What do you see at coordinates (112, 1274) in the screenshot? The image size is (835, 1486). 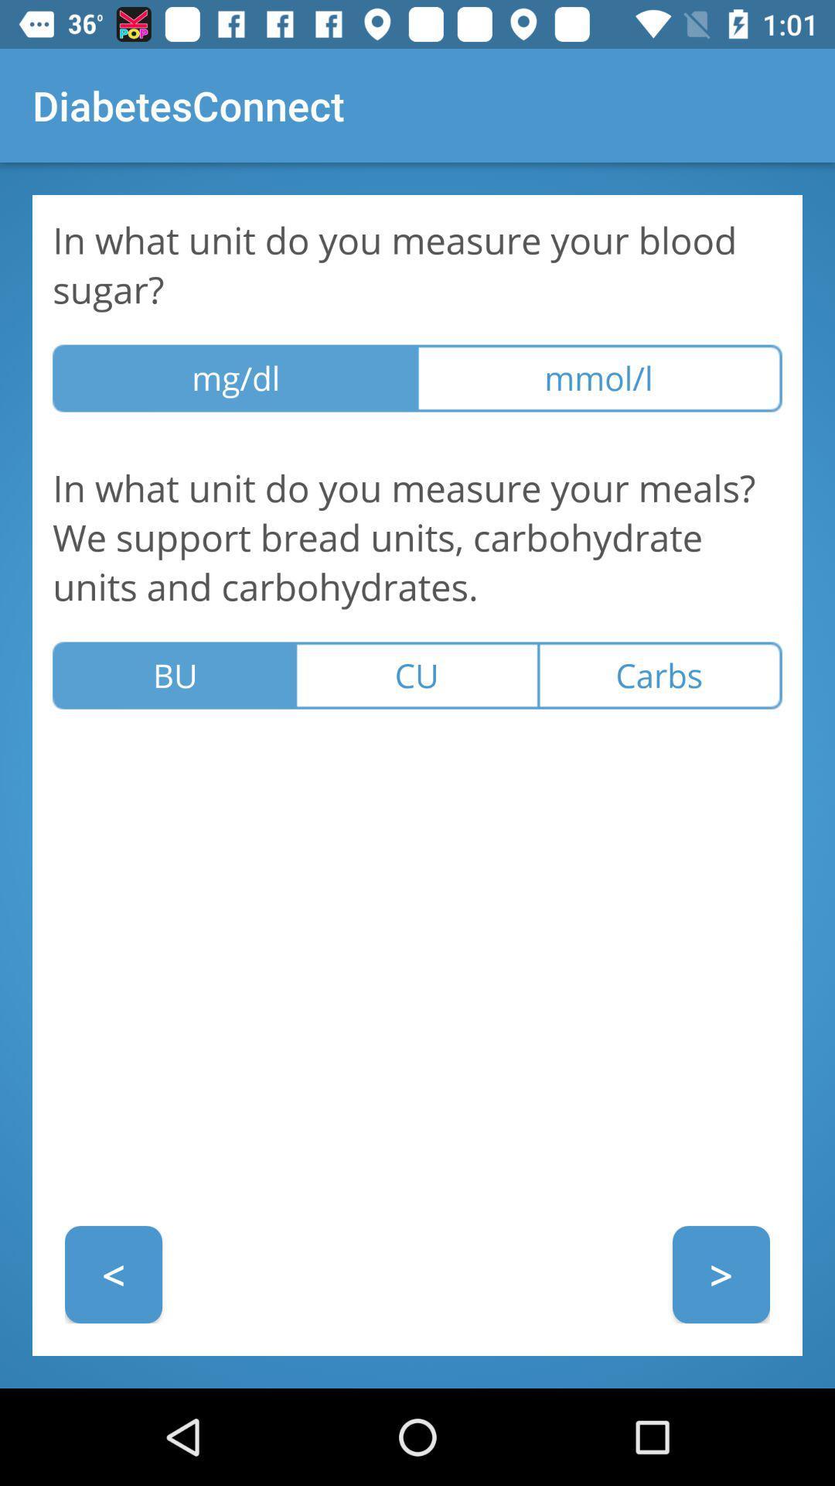 I see `the item at the bottom left corner` at bounding box center [112, 1274].